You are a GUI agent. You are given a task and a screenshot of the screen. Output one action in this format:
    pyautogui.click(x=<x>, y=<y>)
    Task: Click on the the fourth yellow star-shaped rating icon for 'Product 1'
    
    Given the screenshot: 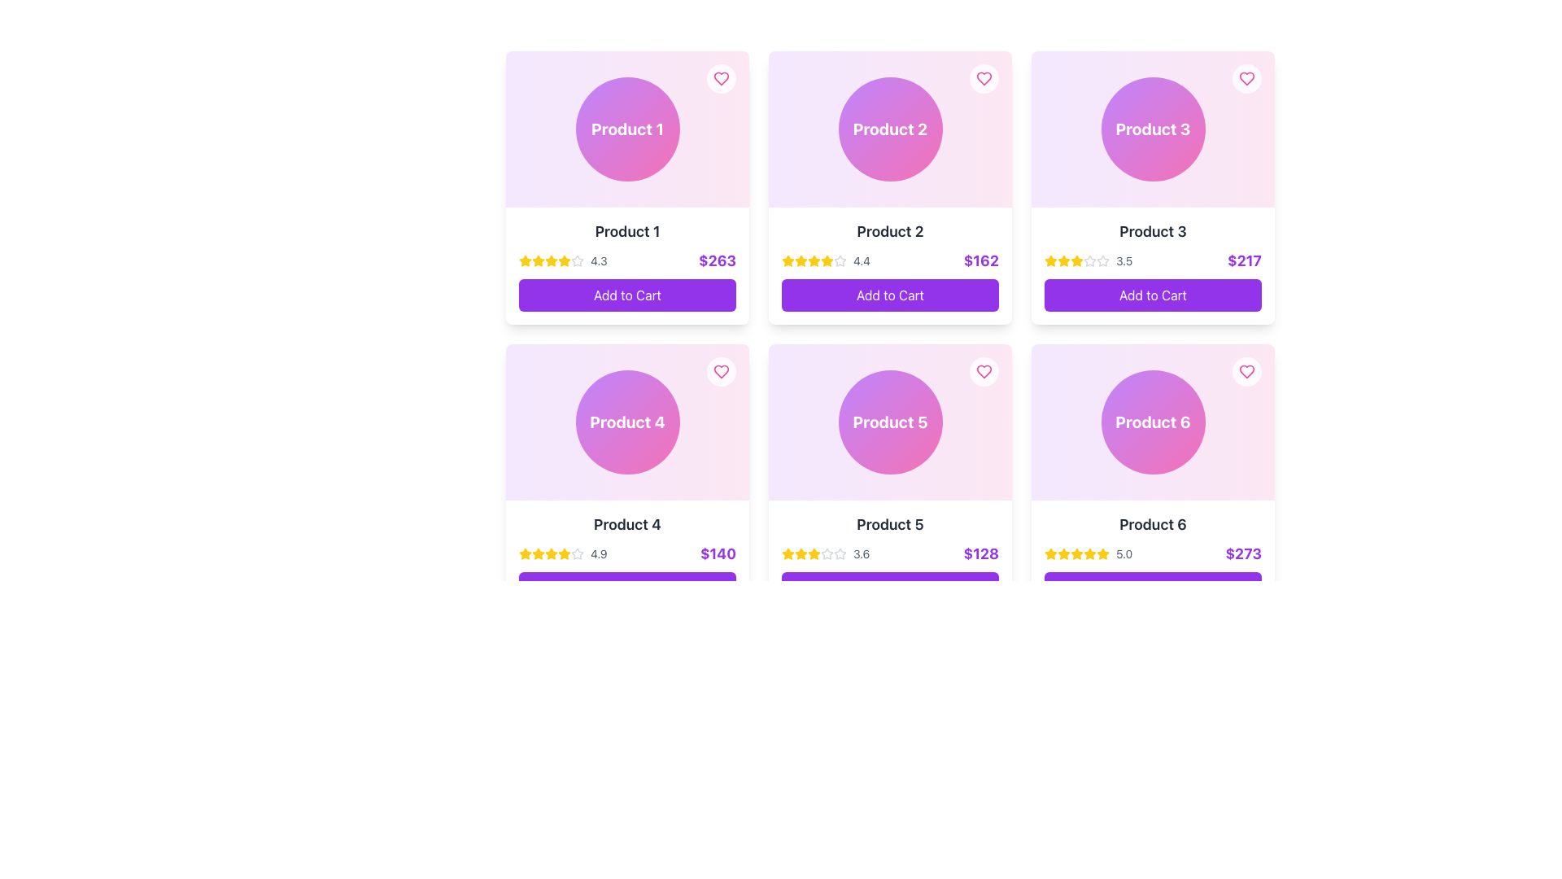 What is the action you would take?
    pyautogui.click(x=551, y=260)
    